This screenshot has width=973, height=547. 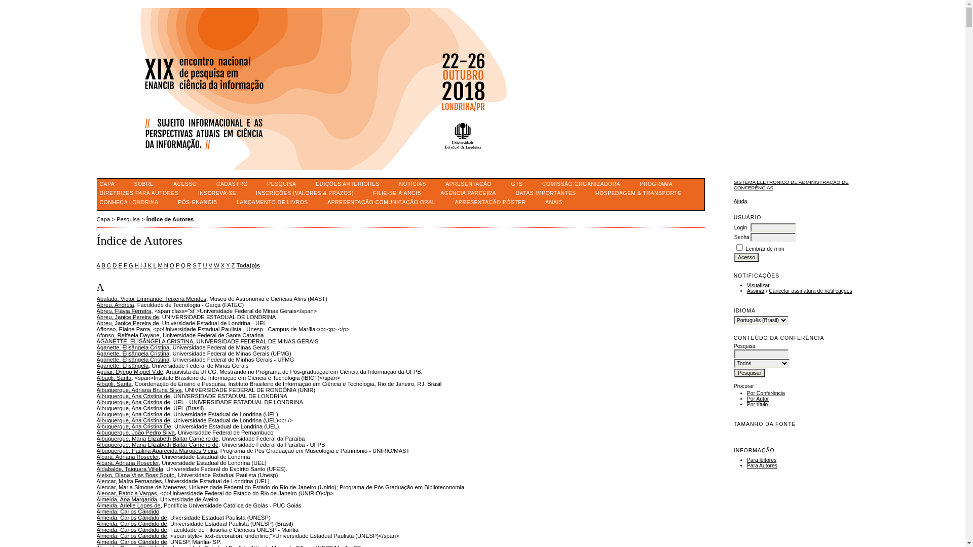 I want to click on 'Albuquerque, Maria Elizabeth Baltar Carneiro de', so click(x=157, y=438).